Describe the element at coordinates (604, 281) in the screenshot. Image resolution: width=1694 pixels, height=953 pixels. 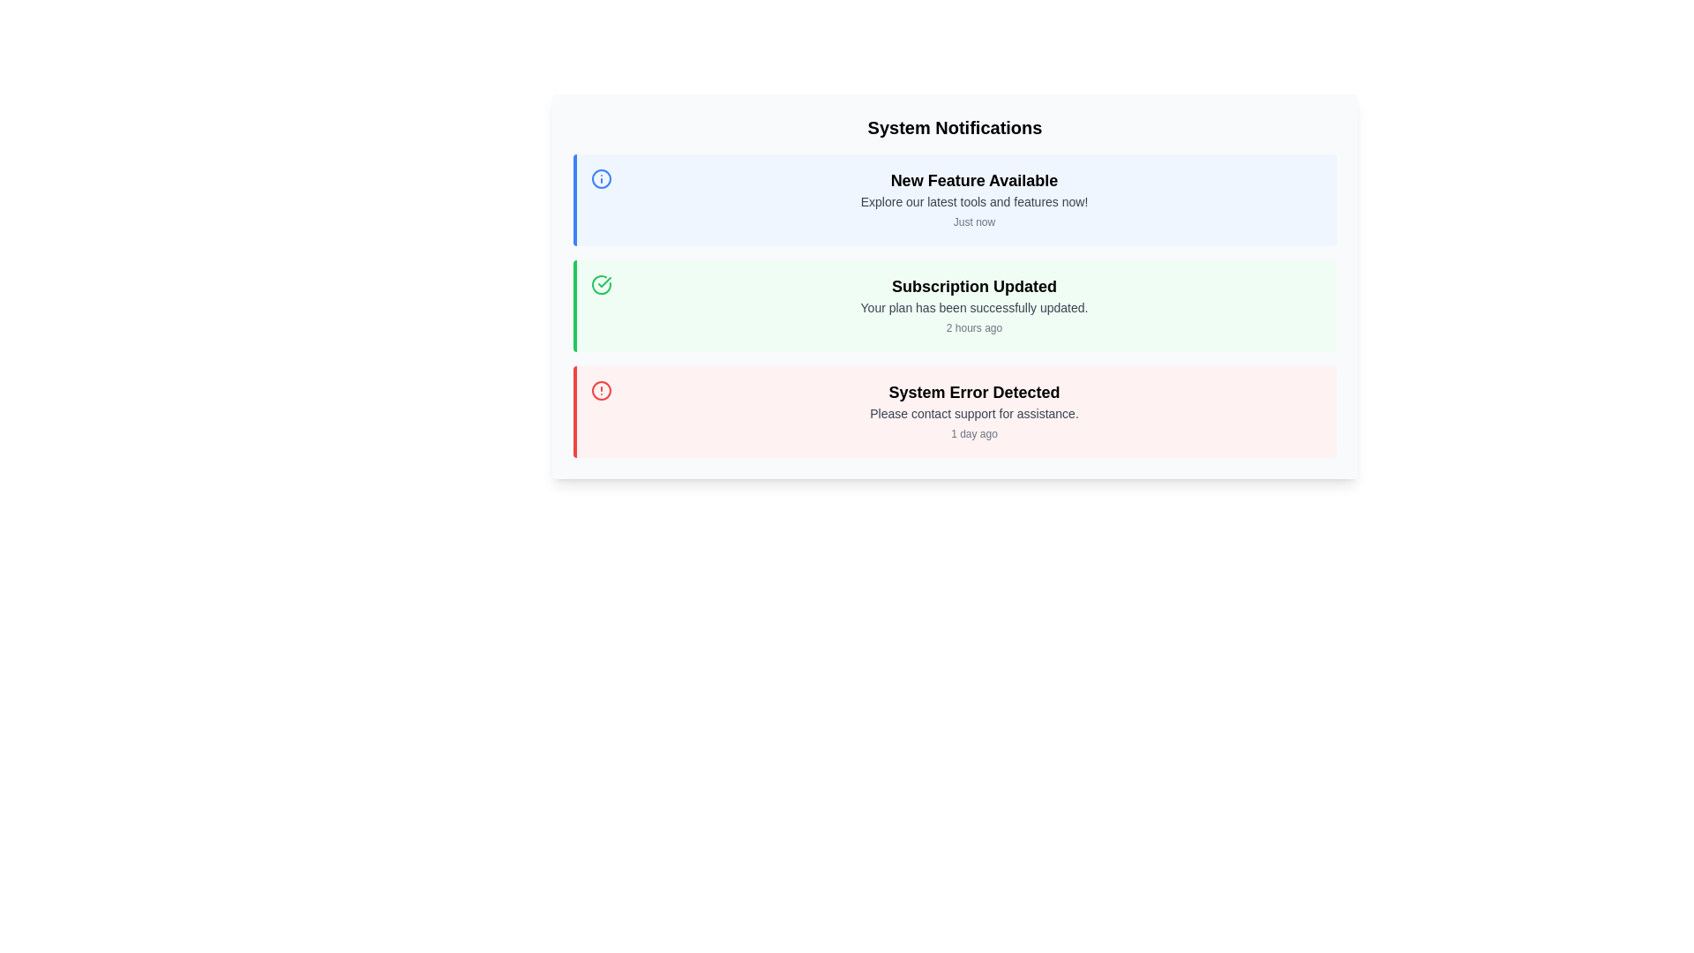
I see `the green circular icon with a checkmark located in the second notification card titled 'Subscription Updated'` at that location.